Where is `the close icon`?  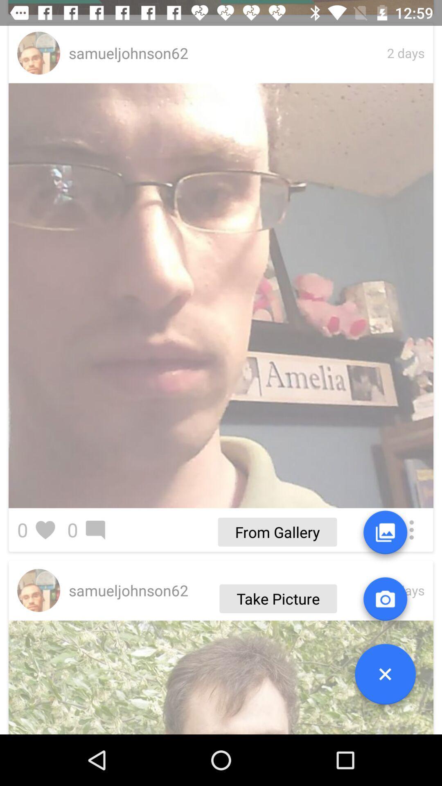 the close icon is located at coordinates (385, 677).